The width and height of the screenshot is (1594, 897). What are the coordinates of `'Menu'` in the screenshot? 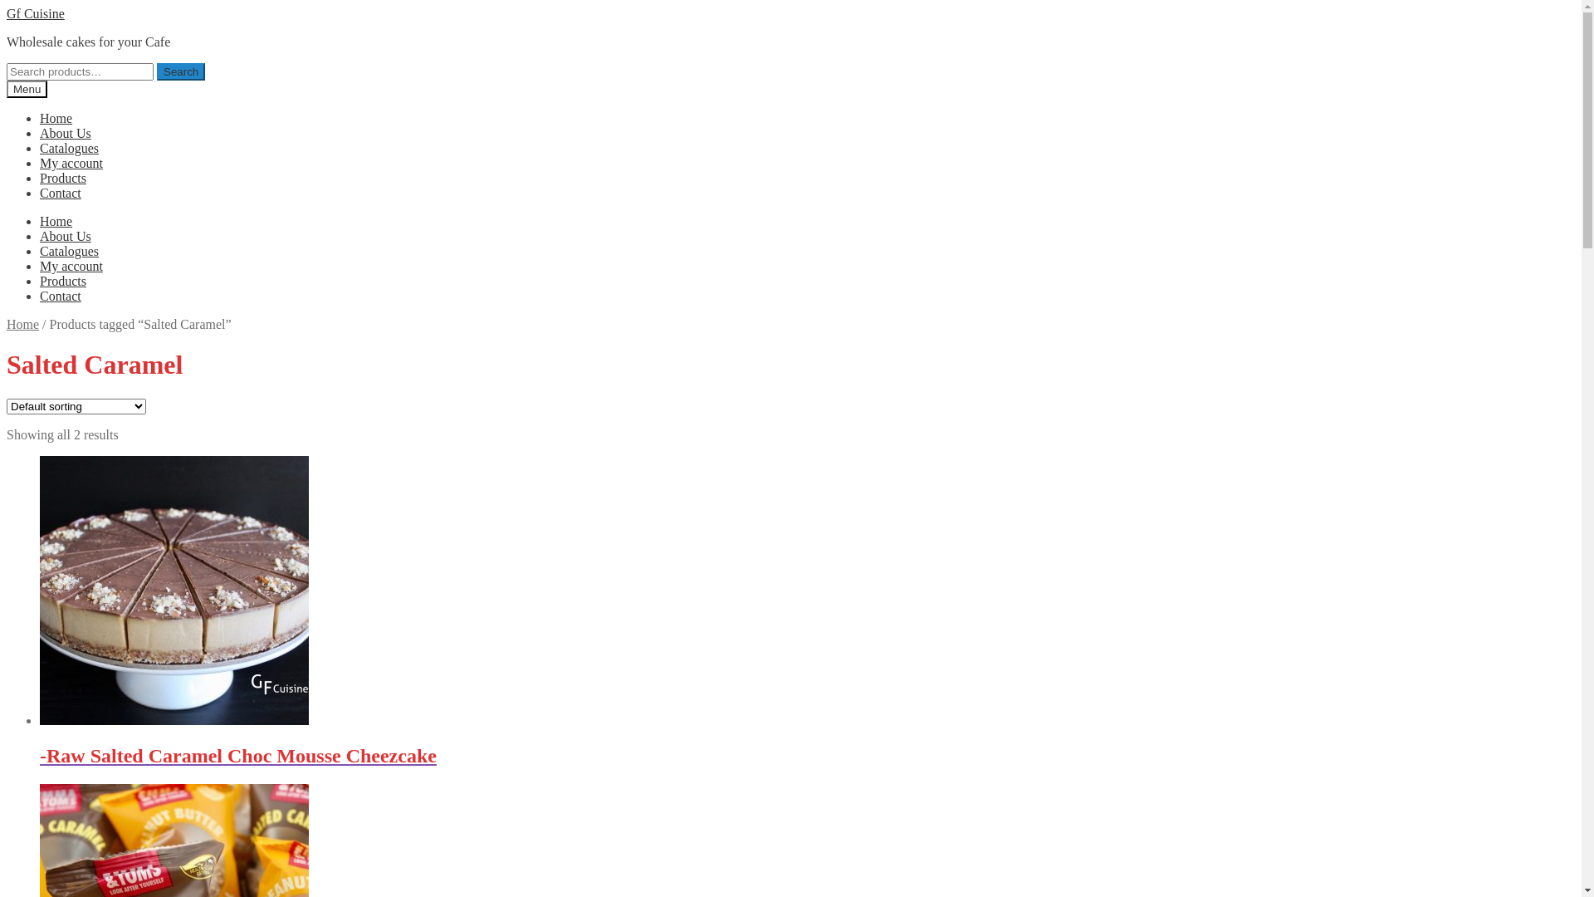 It's located at (27, 89).